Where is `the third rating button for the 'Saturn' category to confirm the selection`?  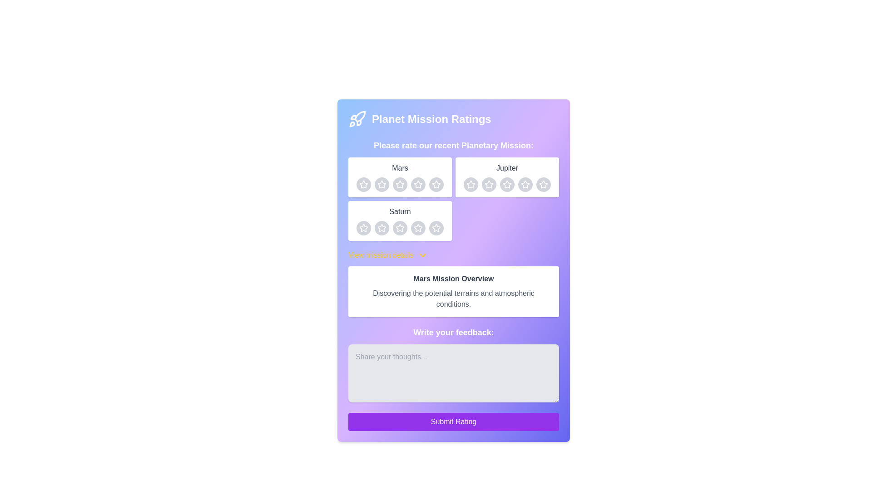
the third rating button for the 'Saturn' category to confirm the selection is located at coordinates (400, 227).